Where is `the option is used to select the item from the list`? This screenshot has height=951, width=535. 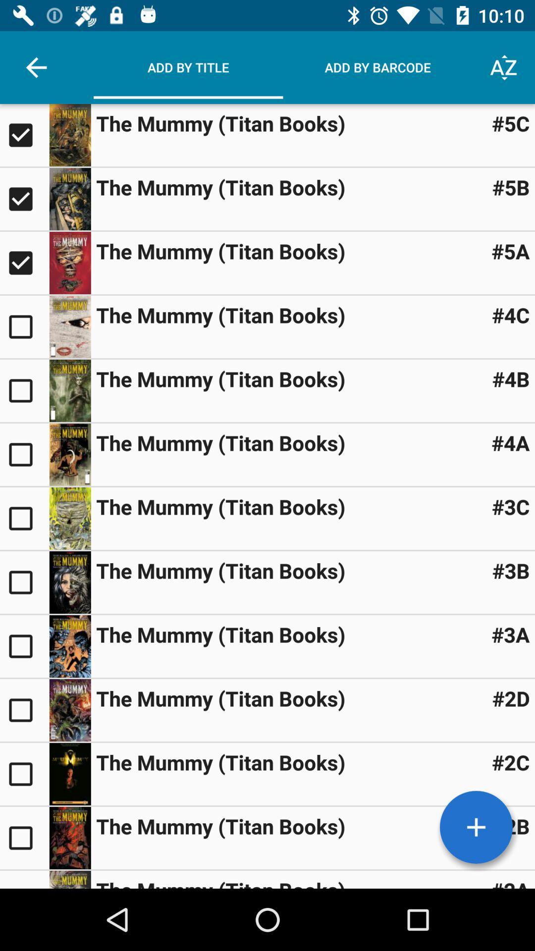 the option is used to select the item from the list is located at coordinates (24, 646).